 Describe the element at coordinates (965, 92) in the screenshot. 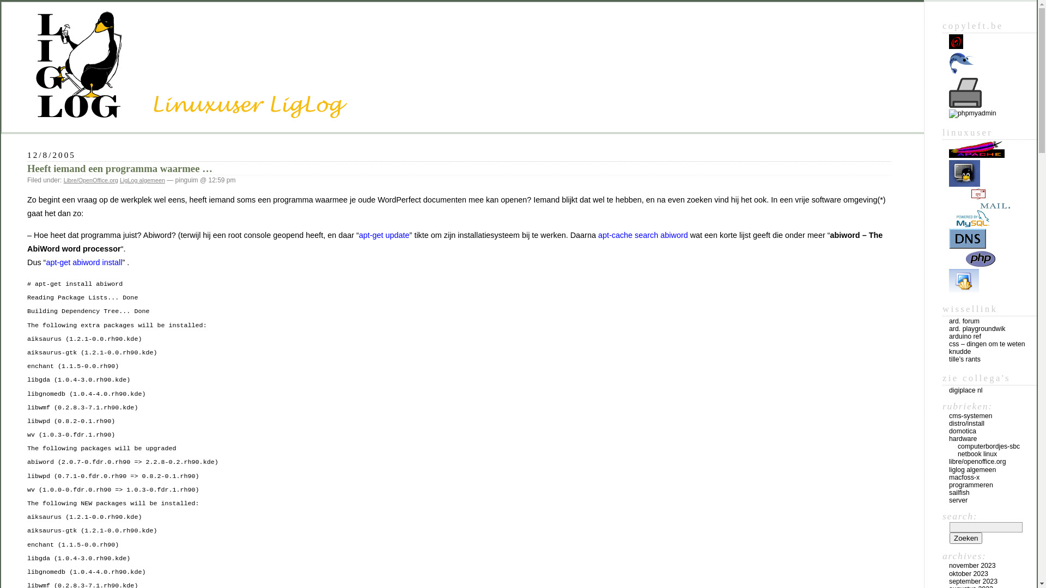

I see `'CUPS printerbeheer op mijn localhost'` at that location.